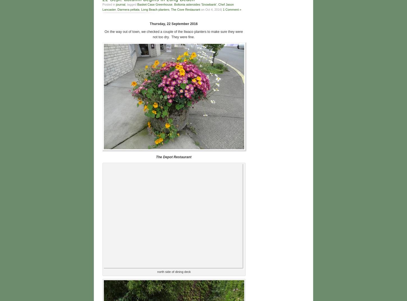 Image resolution: width=407 pixels, height=301 pixels. Describe the element at coordinates (109, 4) in the screenshot. I see `'Posted in'` at that location.